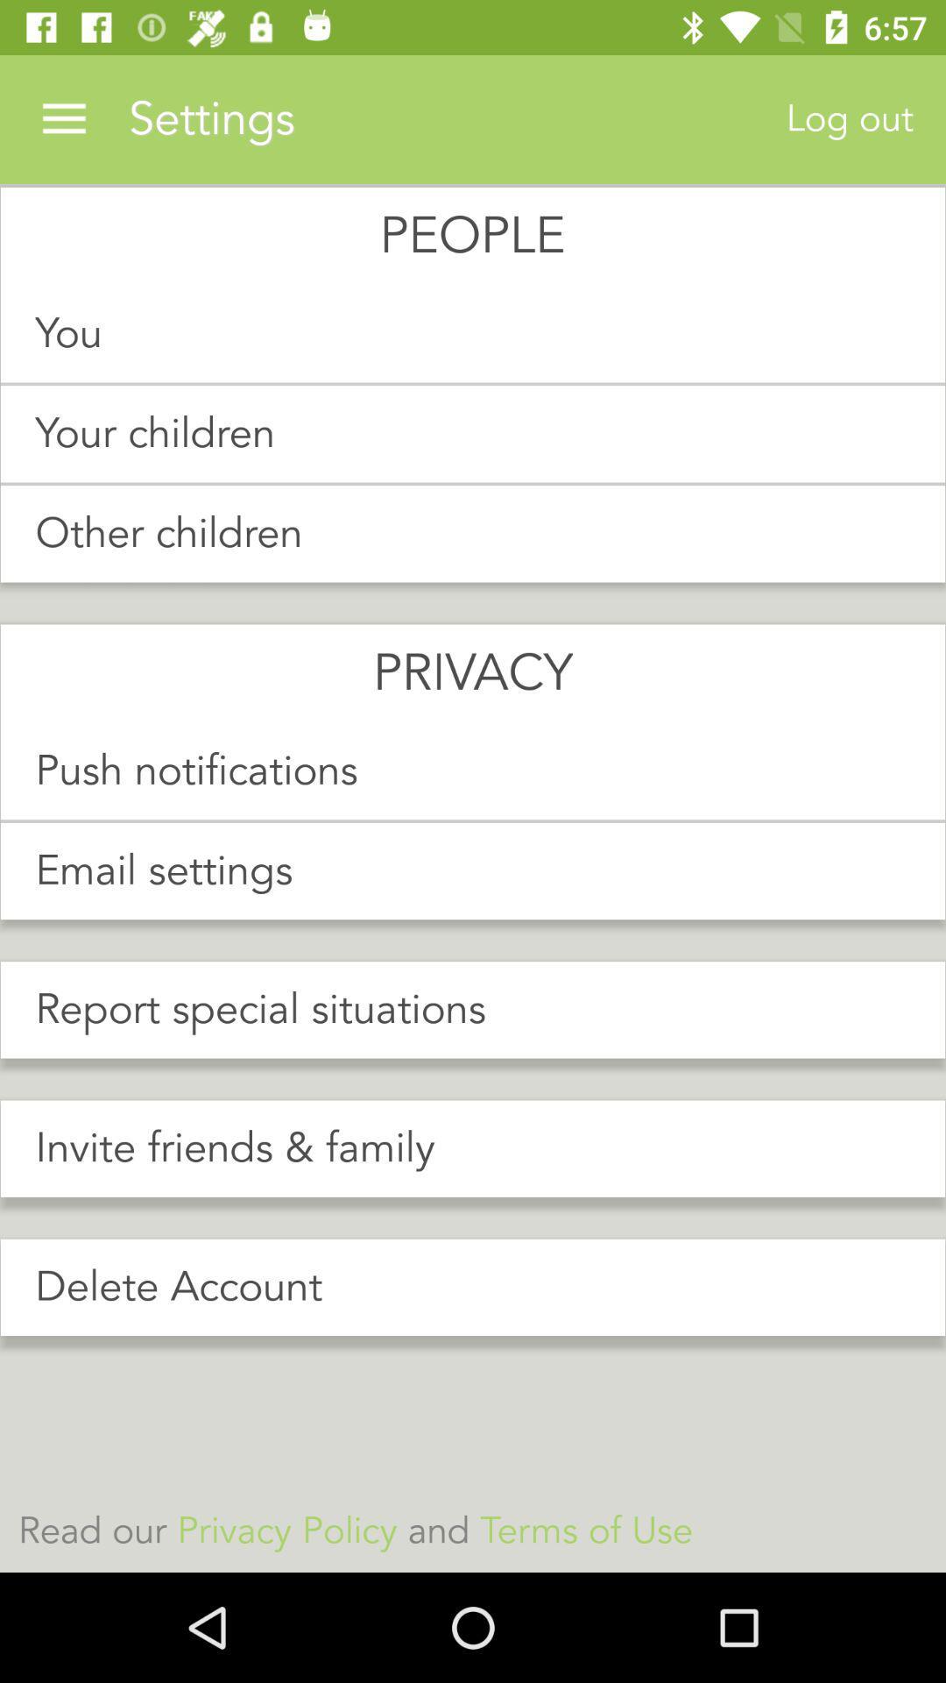 This screenshot has height=1683, width=946. Describe the element at coordinates (849, 118) in the screenshot. I see `the item above you item` at that location.